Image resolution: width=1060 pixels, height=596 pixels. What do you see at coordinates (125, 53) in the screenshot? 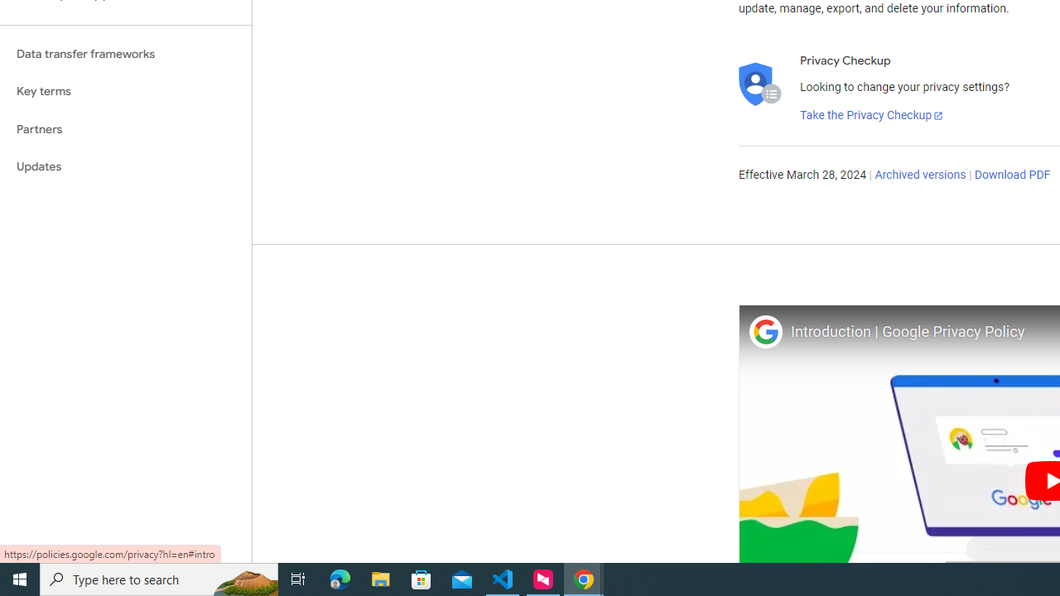
I see `'Data transfer frameworks'` at bounding box center [125, 53].